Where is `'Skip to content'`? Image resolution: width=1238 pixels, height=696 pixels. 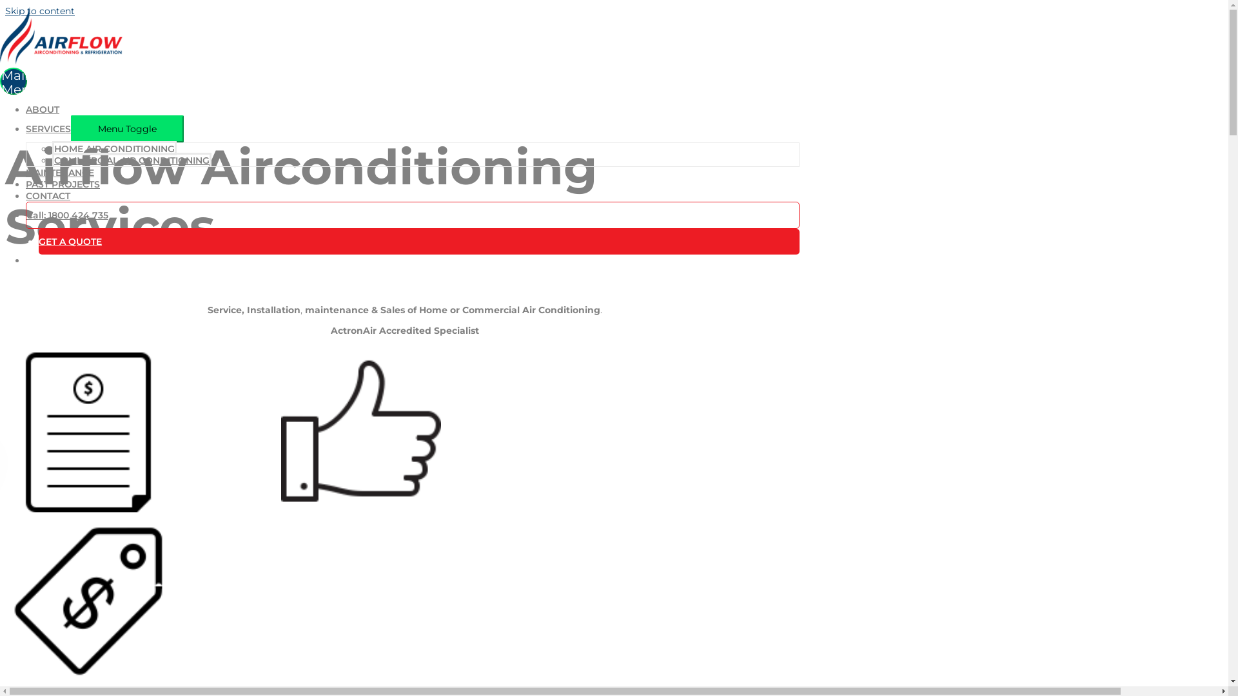
'Skip to content' is located at coordinates (5, 10).